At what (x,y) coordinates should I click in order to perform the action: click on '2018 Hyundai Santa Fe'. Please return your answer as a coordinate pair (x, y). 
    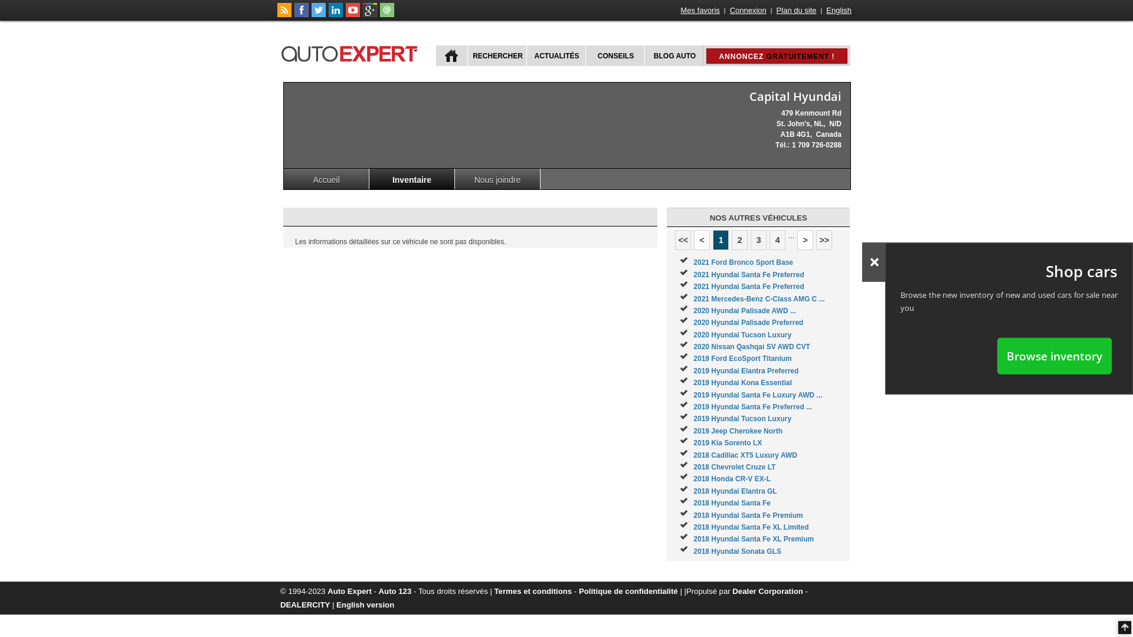
    Looking at the image, I should click on (731, 503).